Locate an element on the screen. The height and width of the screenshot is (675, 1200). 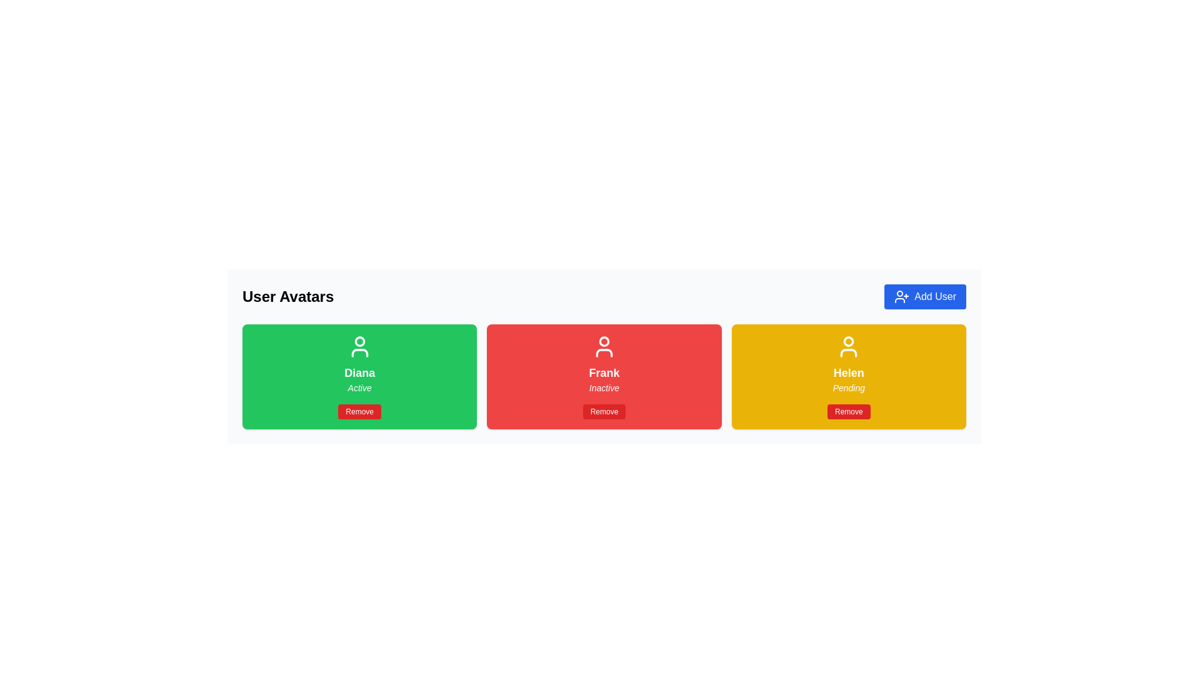
the SVG circle component representing the head of the user avatar icon for 'Helen', located inside the yellow rectangle on the third card in a horizontal row of user icons is located at coordinates (849, 341).